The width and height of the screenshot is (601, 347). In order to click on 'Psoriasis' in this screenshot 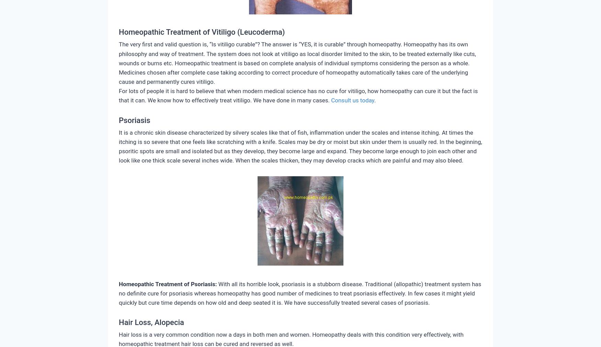, I will do `click(134, 120)`.